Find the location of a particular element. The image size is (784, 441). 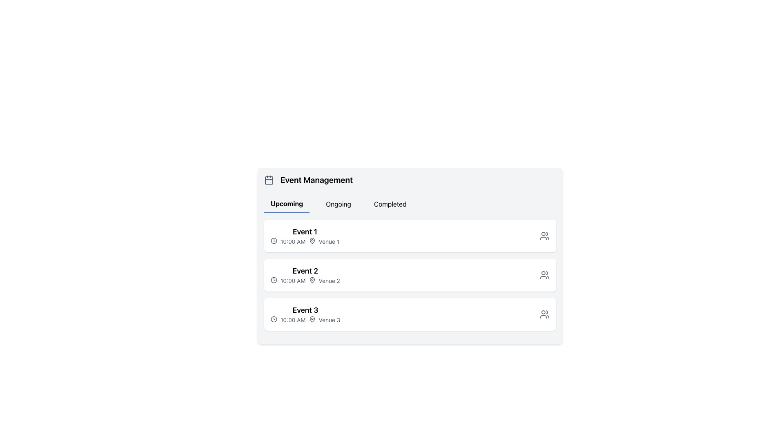

the text and icon combination displaying the scheduled time and location of 'Event 3' in the third event card is located at coordinates (305, 319).